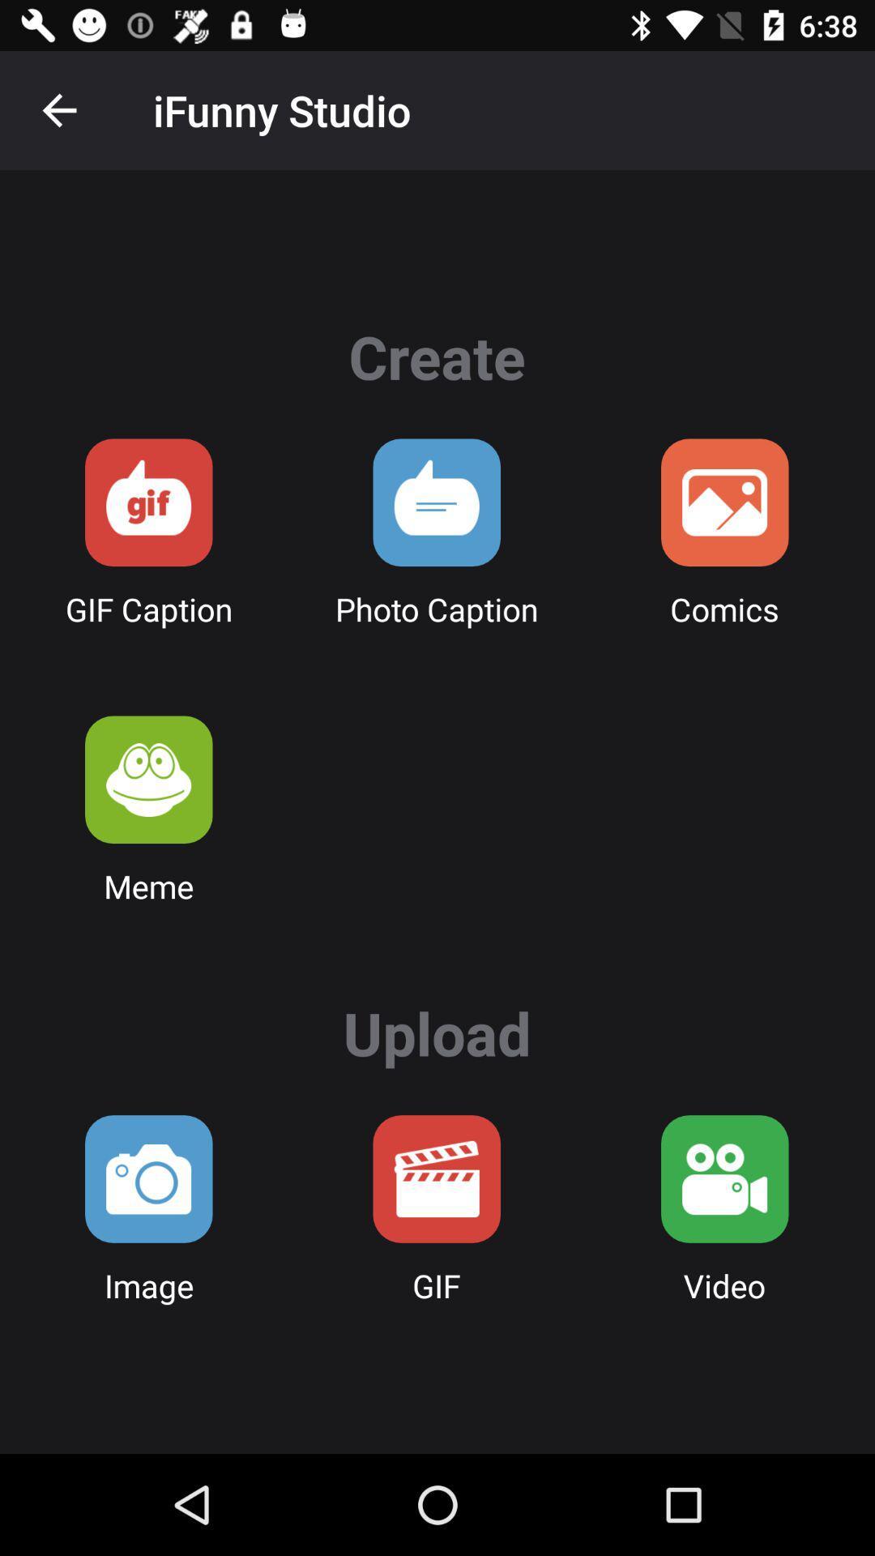 Image resolution: width=875 pixels, height=1556 pixels. Describe the element at coordinates (148, 502) in the screenshot. I see `send a gif` at that location.